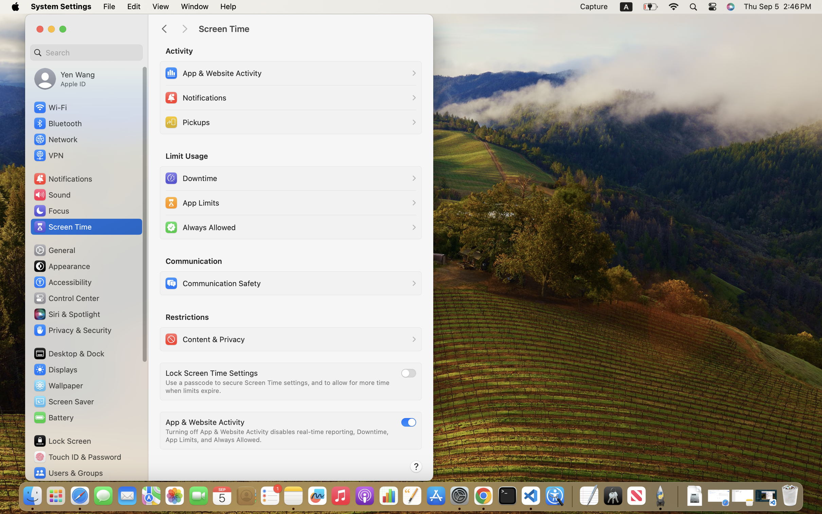 Image resolution: width=822 pixels, height=514 pixels. What do you see at coordinates (50, 107) in the screenshot?
I see `'Wi‑Fi'` at bounding box center [50, 107].